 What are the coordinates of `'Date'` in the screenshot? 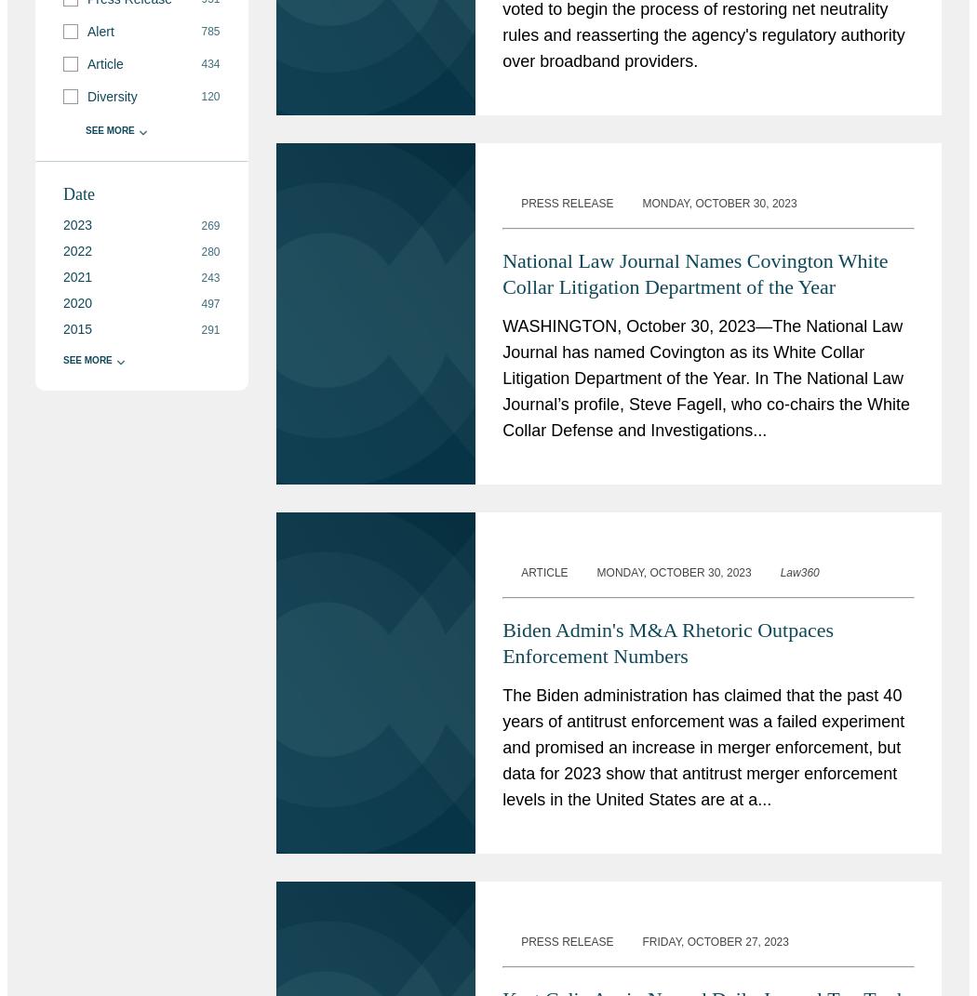 It's located at (78, 193).